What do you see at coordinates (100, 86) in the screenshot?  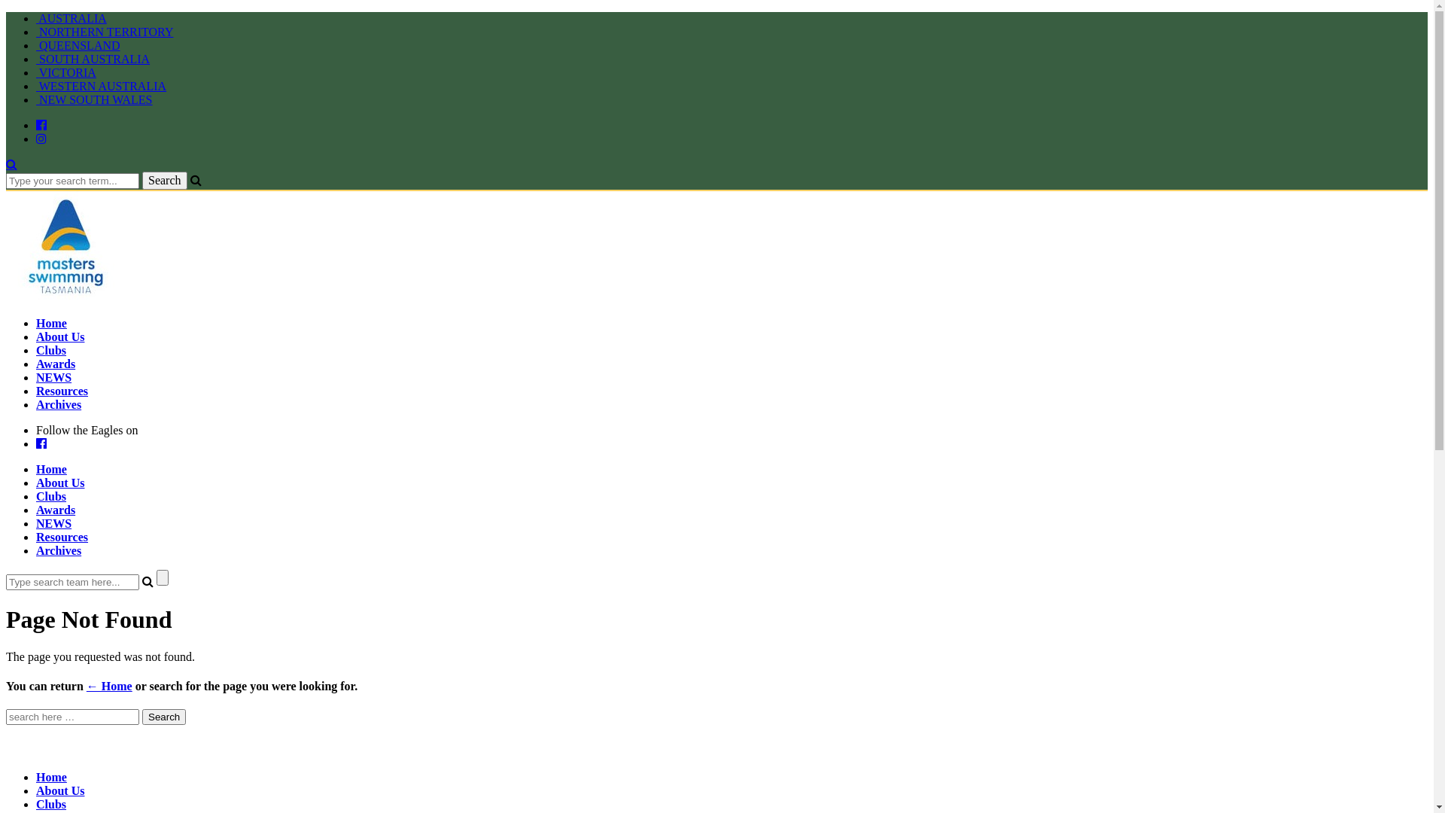 I see `'WESTERN AUSTRALIA'` at bounding box center [100, 86].